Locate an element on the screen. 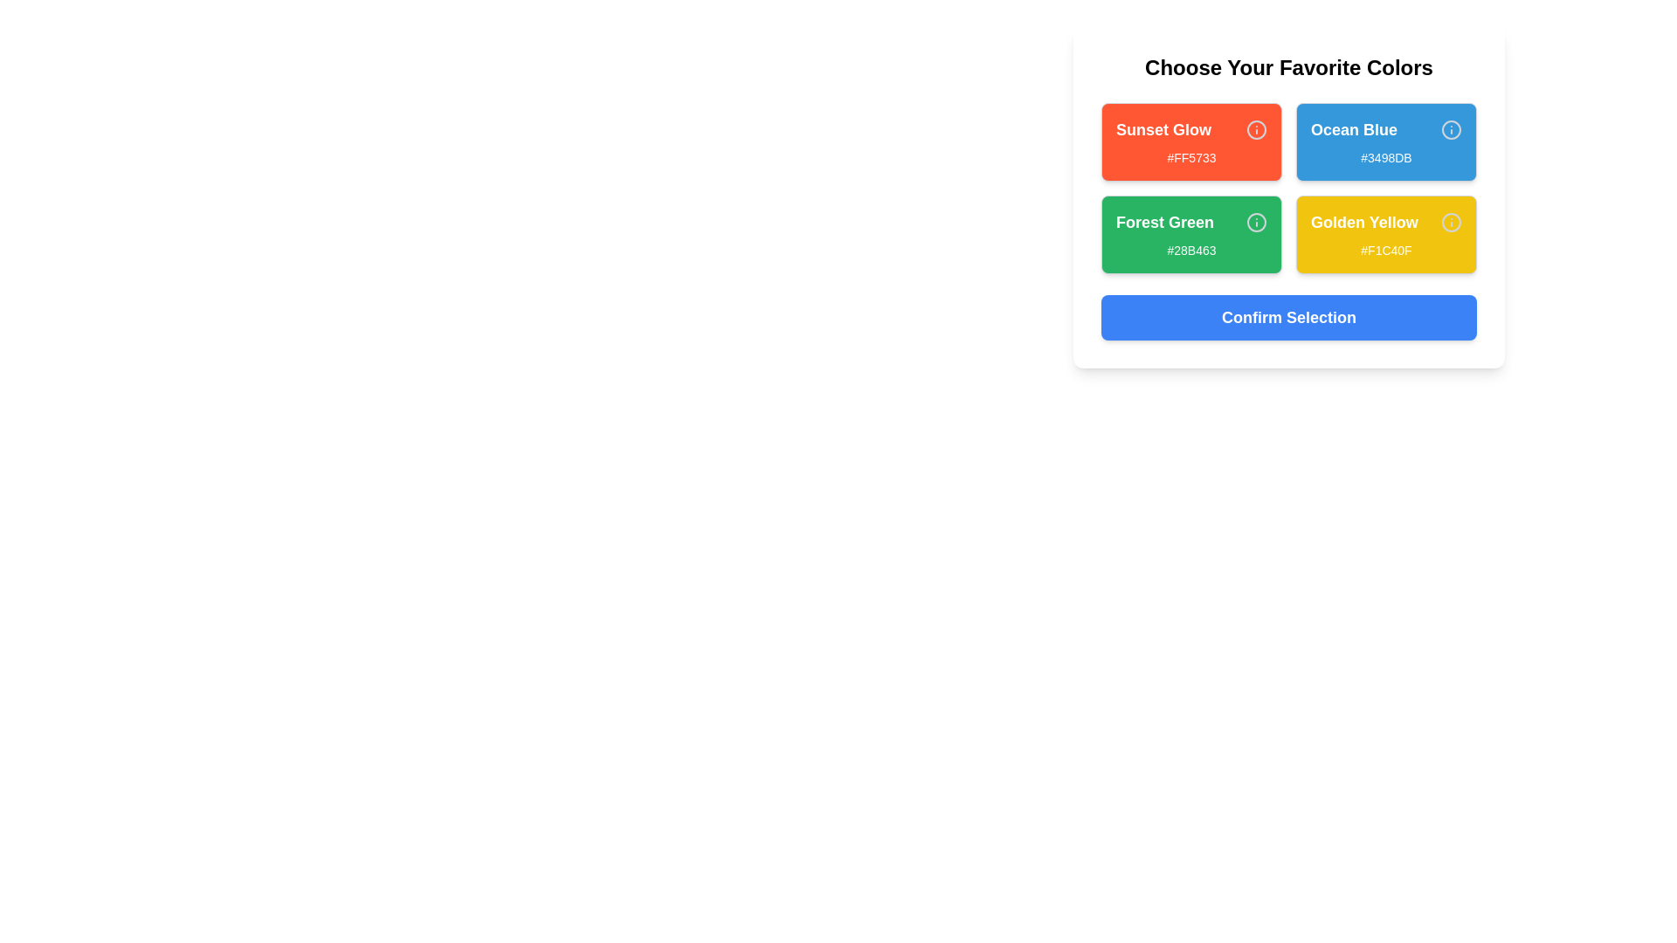 Image resolution: width=1677 pixels, height=943 pixels. the color card labeled Ocean Blue is located at coordinates (1385, 141).